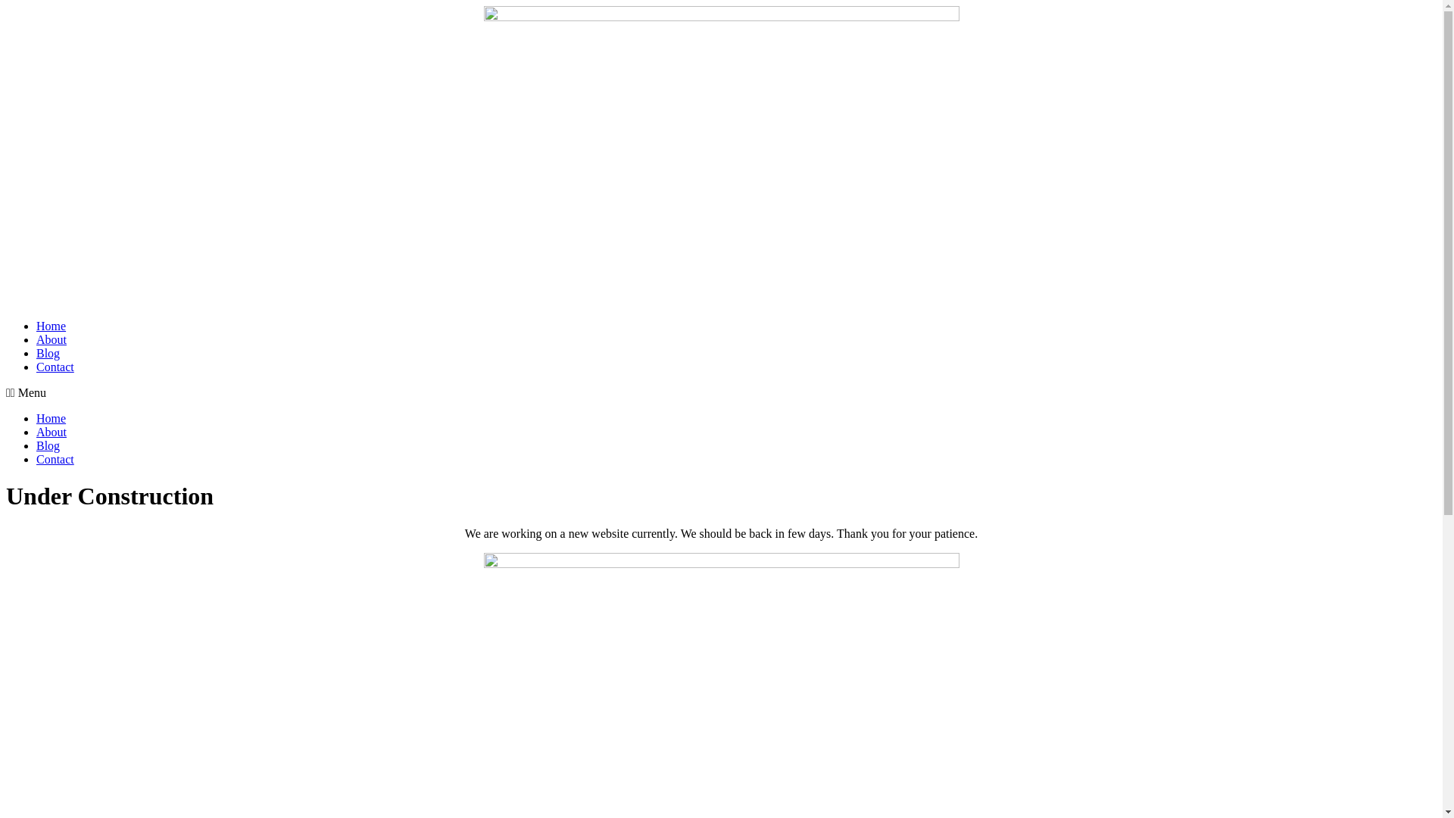 Image resolution: width=1454 pixels, height=818 pixels. Describe the element at coordinates (55, 367) in the screenshot. I see `'Contact'` at that location.